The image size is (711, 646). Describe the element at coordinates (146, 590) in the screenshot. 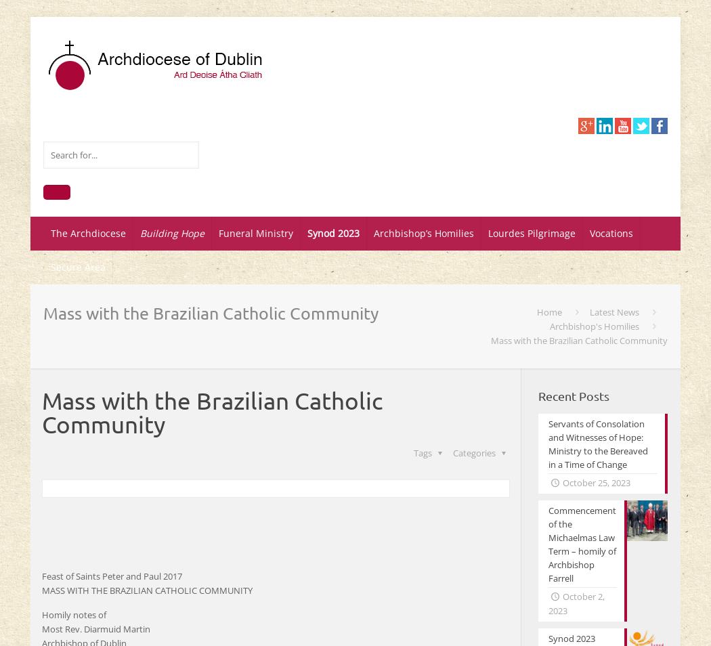

I see `'MASS WITH THE BRAZILIAN CATHOLIC COMMUNITY'` at that location.